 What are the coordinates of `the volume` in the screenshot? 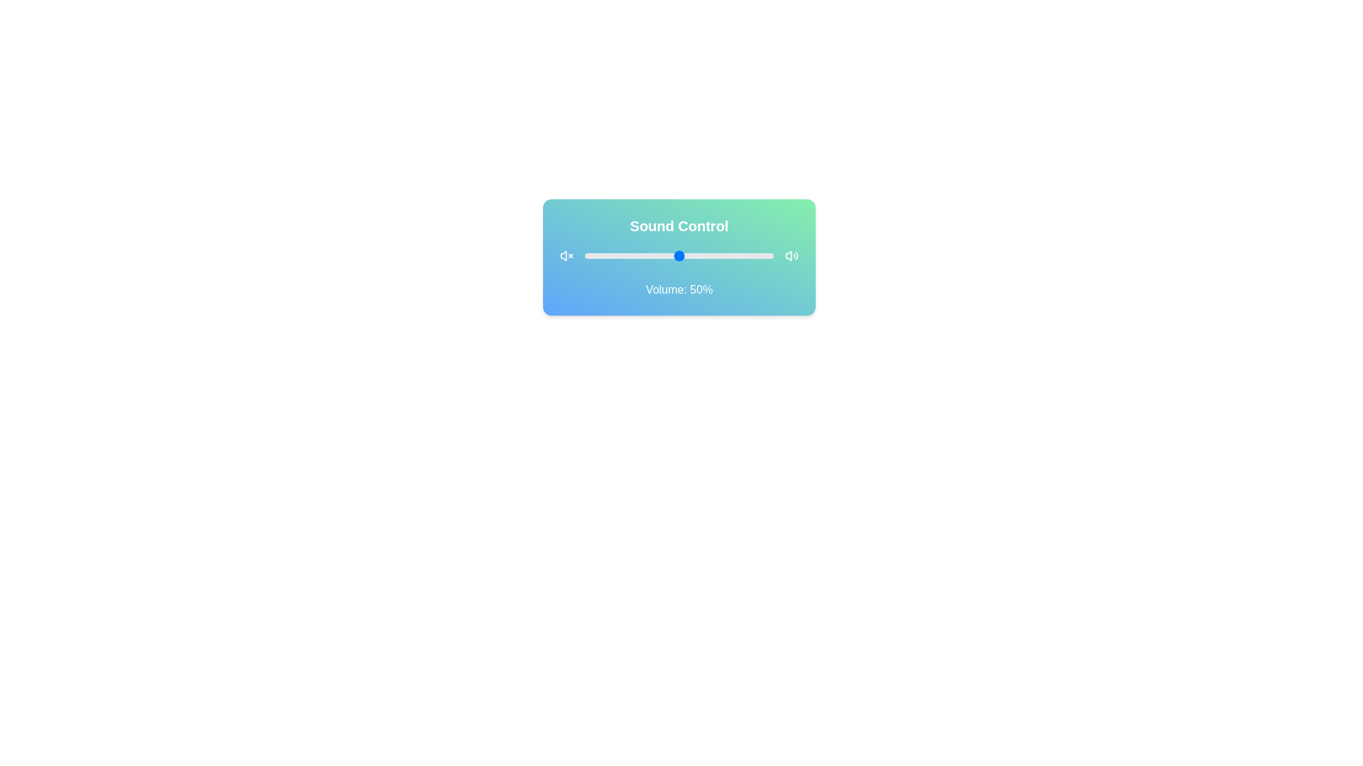 It's located at (665, 256).